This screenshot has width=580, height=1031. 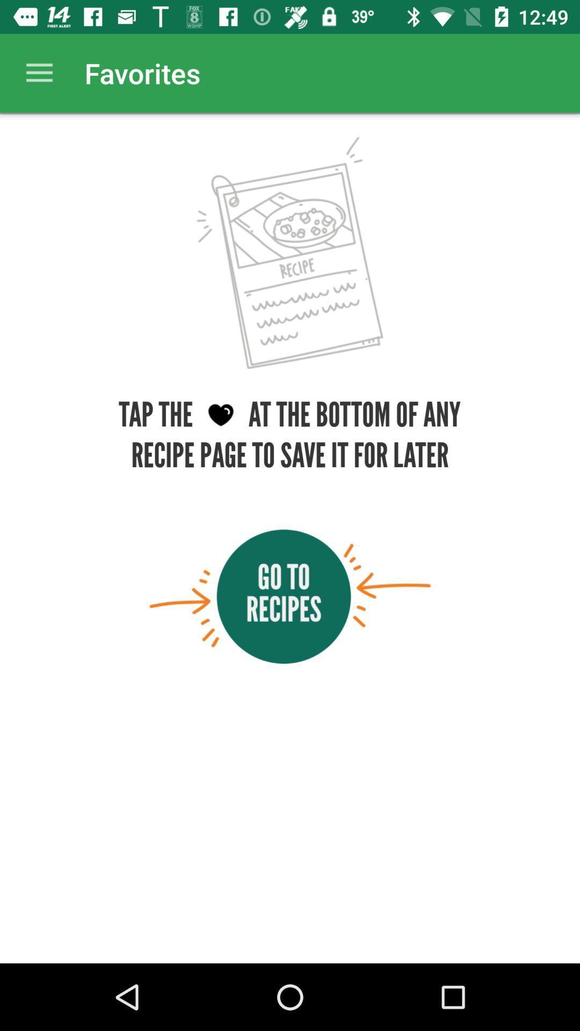 What do you see at coordinates (39, 72) in the screenshot?
I see `the icon to the left of favorites item` at bounding box center [39, 72].